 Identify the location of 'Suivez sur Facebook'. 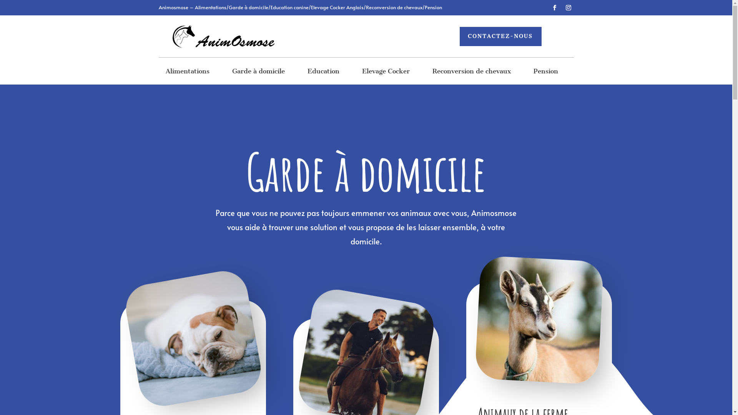
(554, 7).